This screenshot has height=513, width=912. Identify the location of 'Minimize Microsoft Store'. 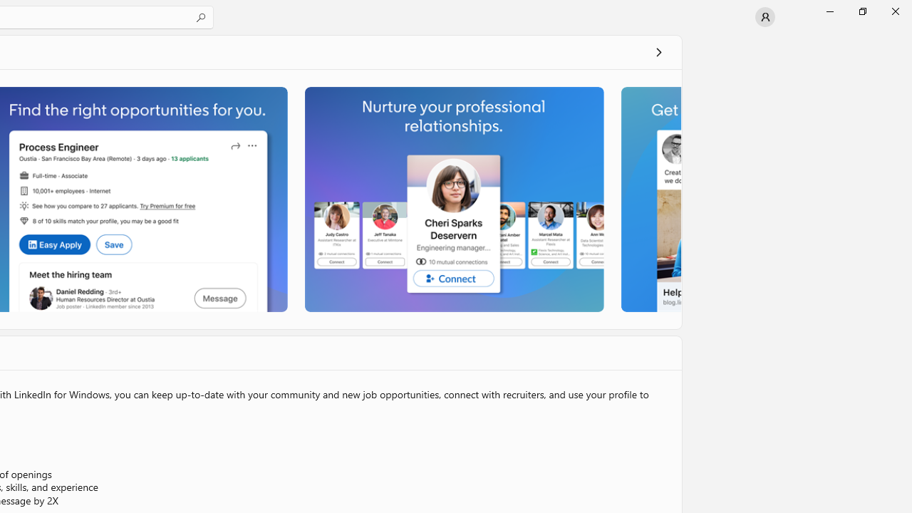
(829, 11).